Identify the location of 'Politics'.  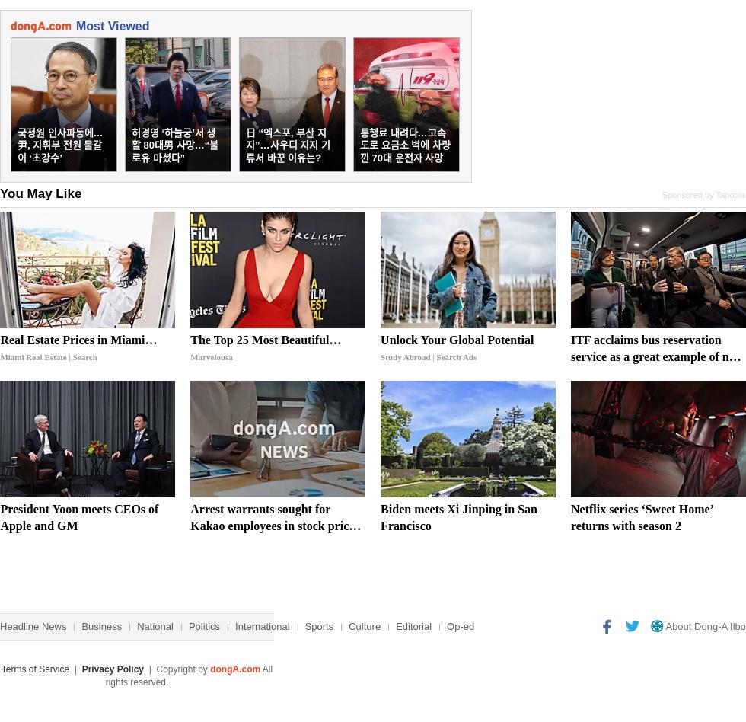
(204, 626).